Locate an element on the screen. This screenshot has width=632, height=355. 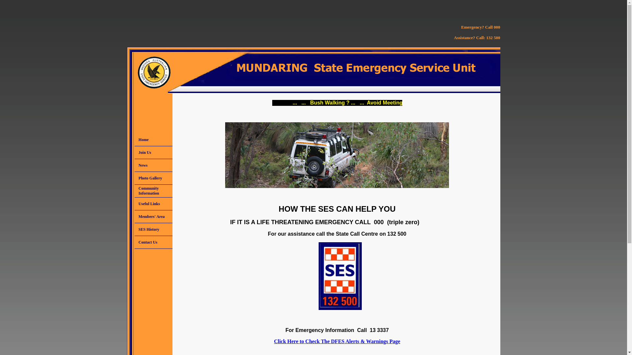
'News' is located at coordinates (153, 165).